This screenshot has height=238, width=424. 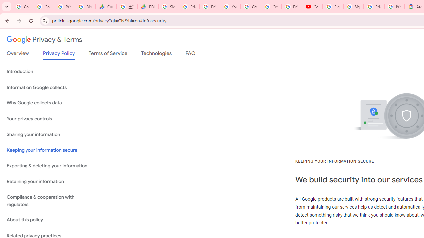 I want to click on 'Retaining your information', so click(x=50, y=181).